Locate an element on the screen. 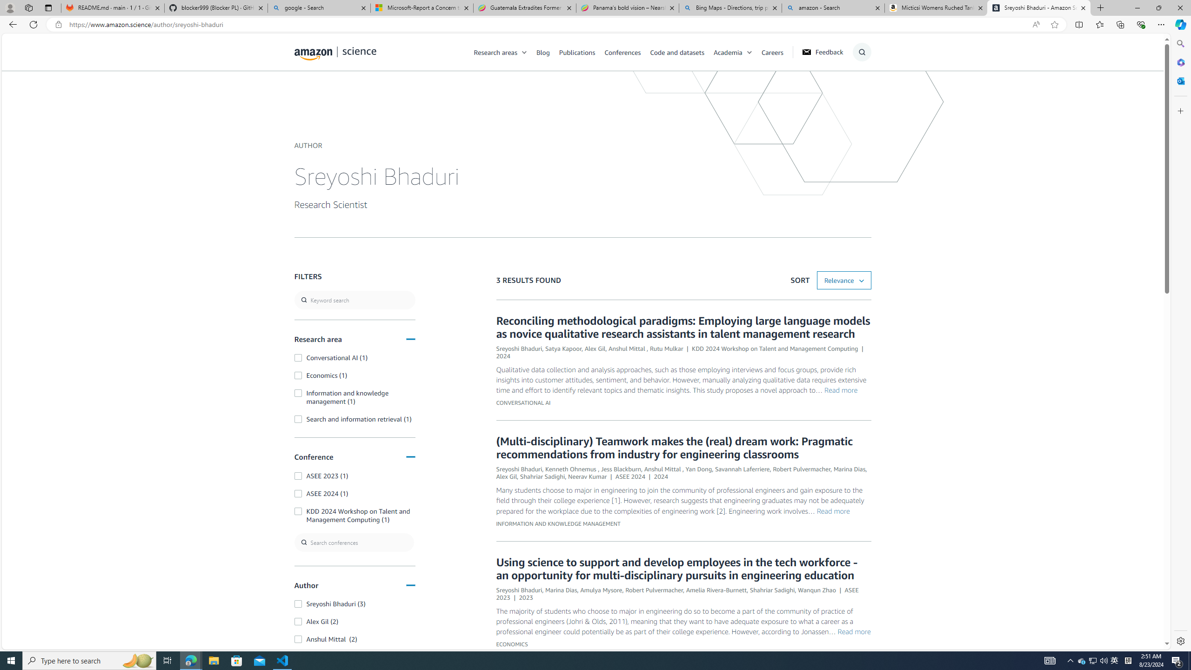  'Wanqun Zhao' is located at coordinates (817, 590).